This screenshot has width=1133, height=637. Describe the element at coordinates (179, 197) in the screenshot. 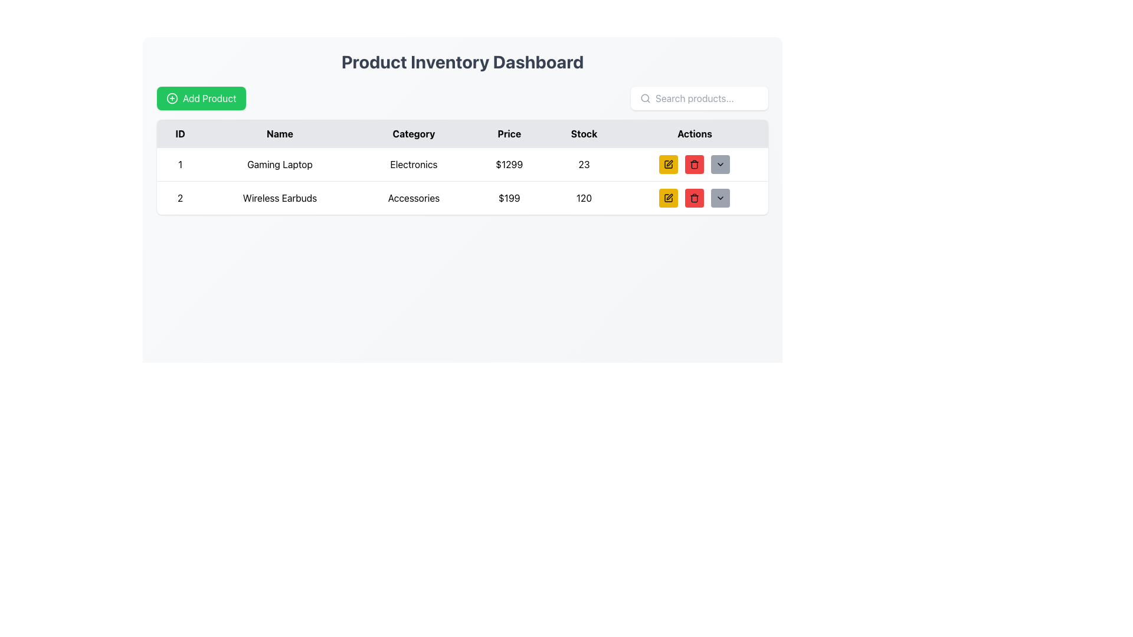

I see `the numeral '2' in the leftmost cell of the row labeled 'Wireless Earbuds'` at that location.